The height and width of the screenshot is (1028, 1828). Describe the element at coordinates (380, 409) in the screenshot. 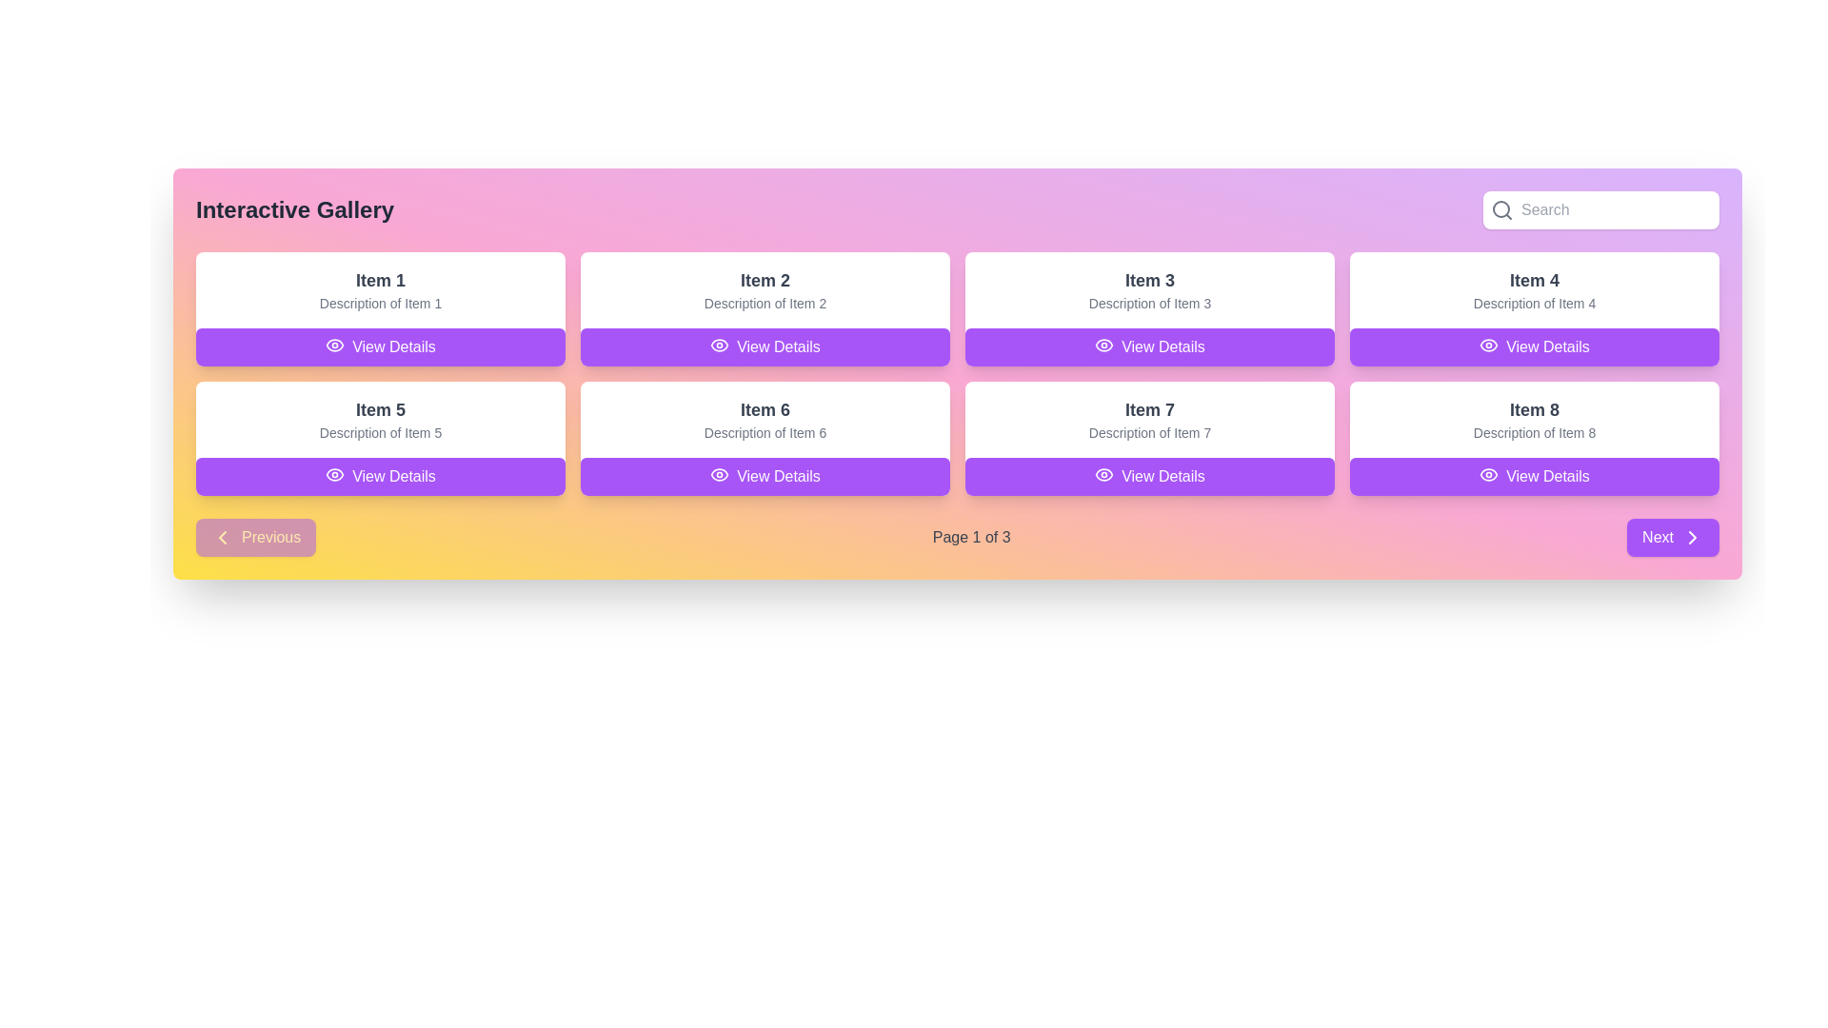

I see `the Text label that serves as the title for the card, located in the first column of the second row in the grid layout` at that location.